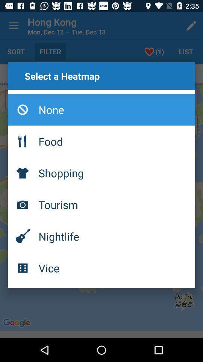 The height and width of the screenshot is (362, 203). What do you see at coordinates (101, 109) in the screenshot?
I see `item above food item` at bounding box center [101, 109].